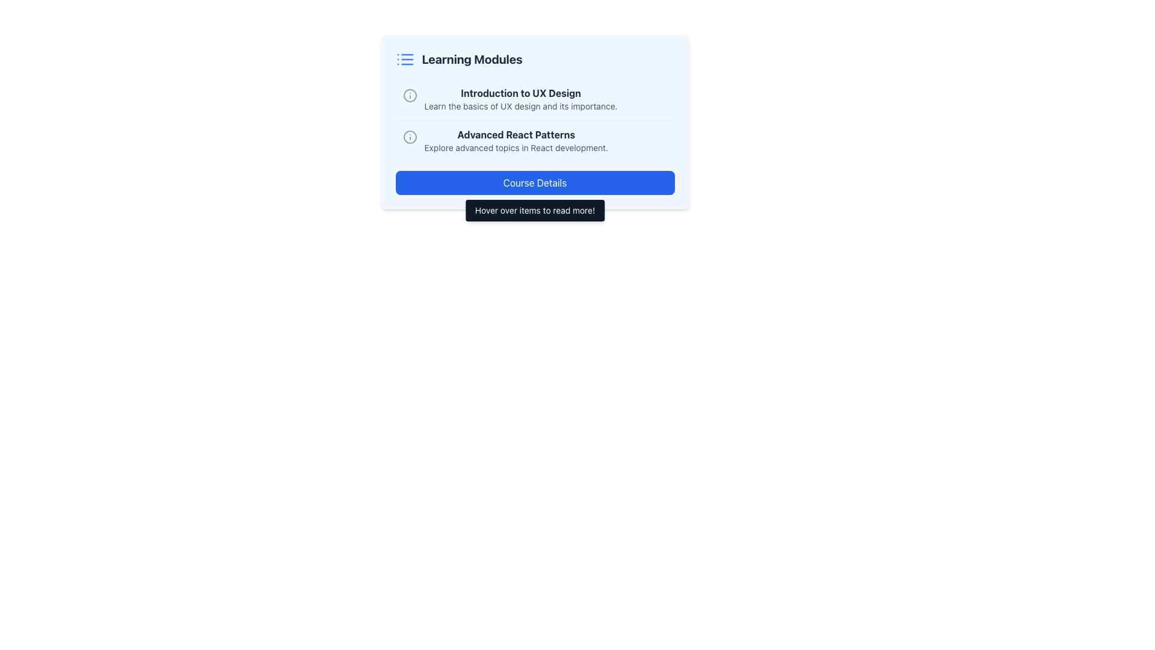  I want to click on the Informational List Item titled 'Introduction to UX Design', so click(534, 99).